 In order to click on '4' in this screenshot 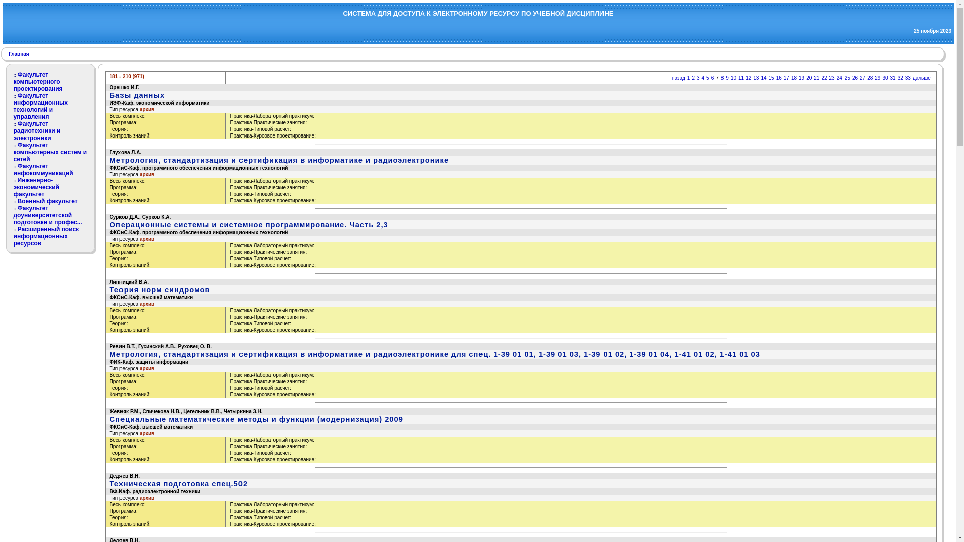, I will do `click(703, 77)`.